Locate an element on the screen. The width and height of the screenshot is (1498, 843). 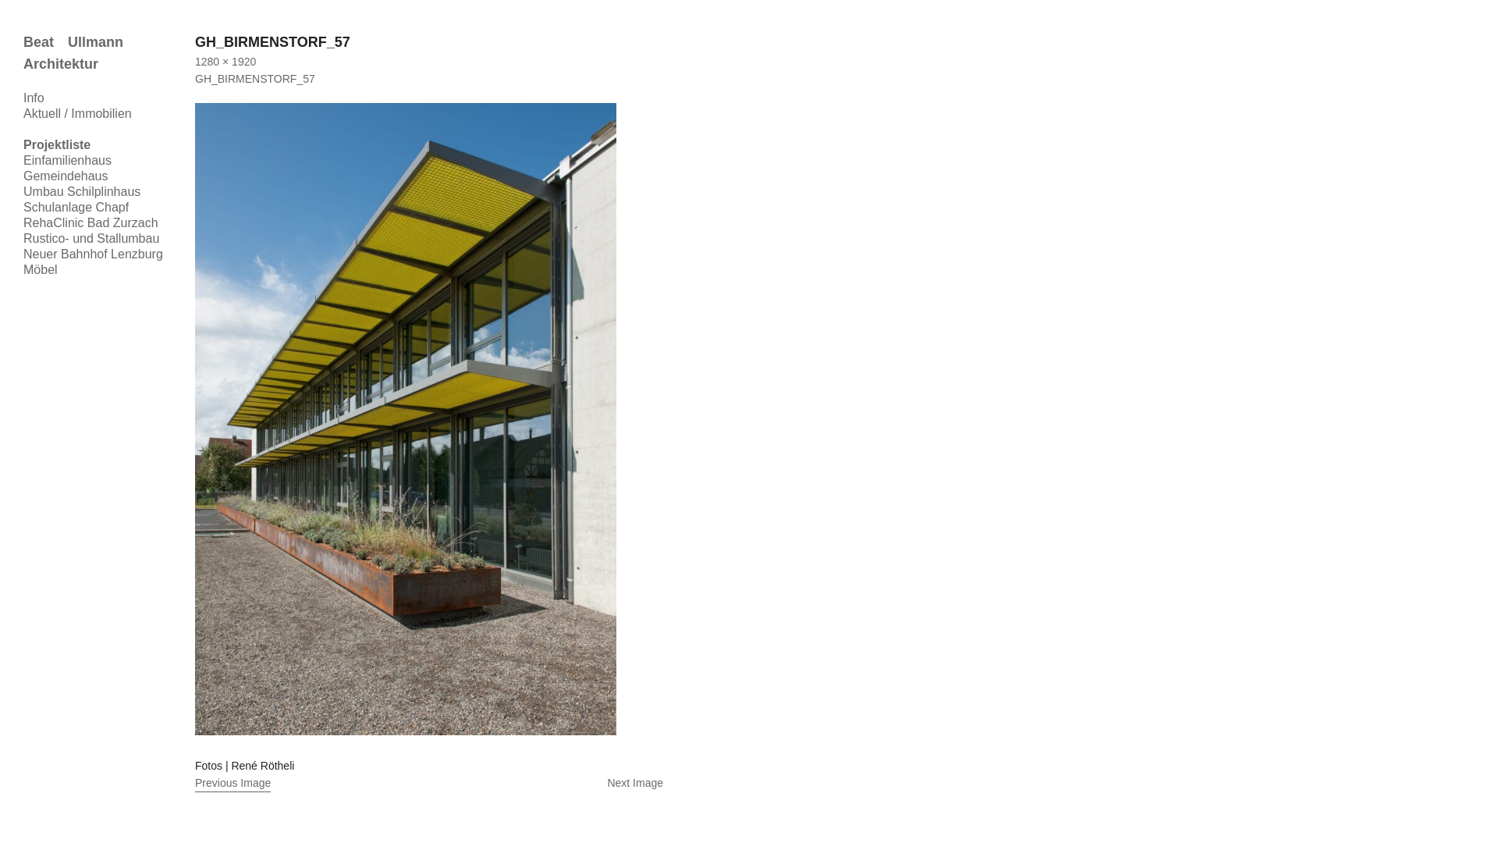
'GH_BIRMENSTORF_57' is located at coordinates (254, 78).